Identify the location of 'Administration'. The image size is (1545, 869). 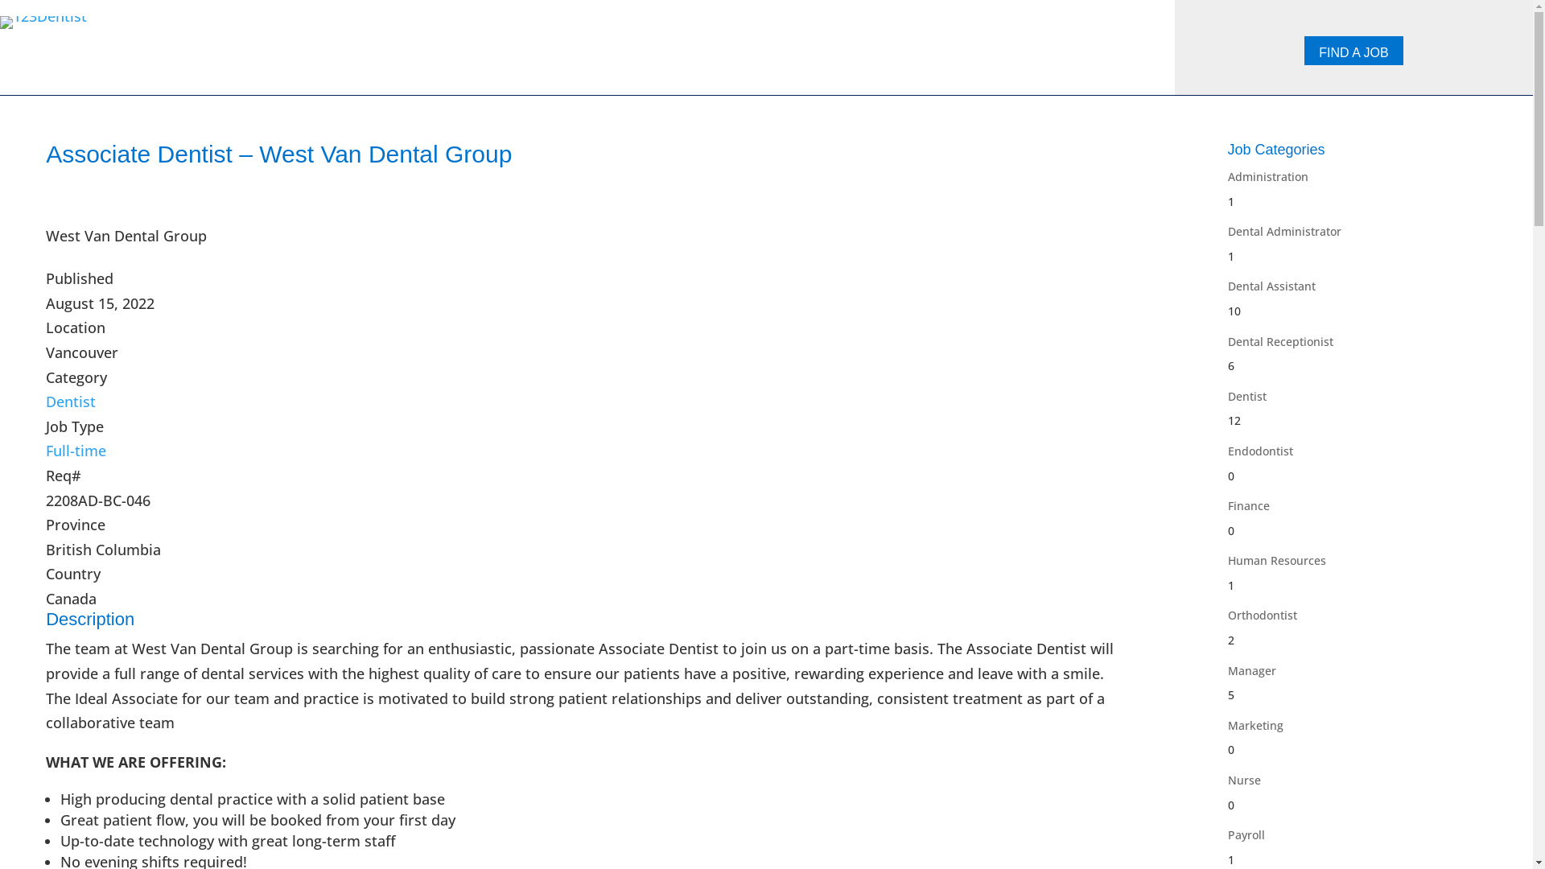
(1227, 176).